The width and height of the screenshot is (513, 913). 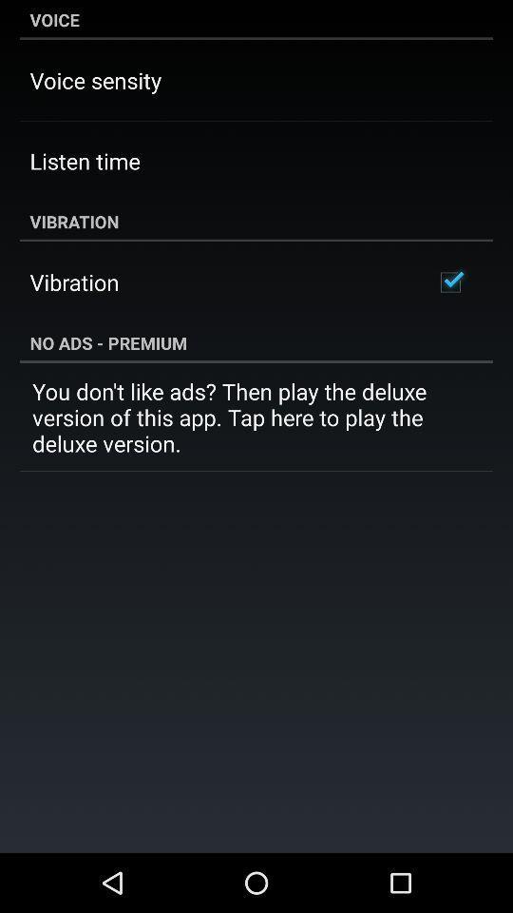 What do you see at coordinates (449, 282) in the screenshot?
I see `item below the vibration app` at bounding box center [449, 282].